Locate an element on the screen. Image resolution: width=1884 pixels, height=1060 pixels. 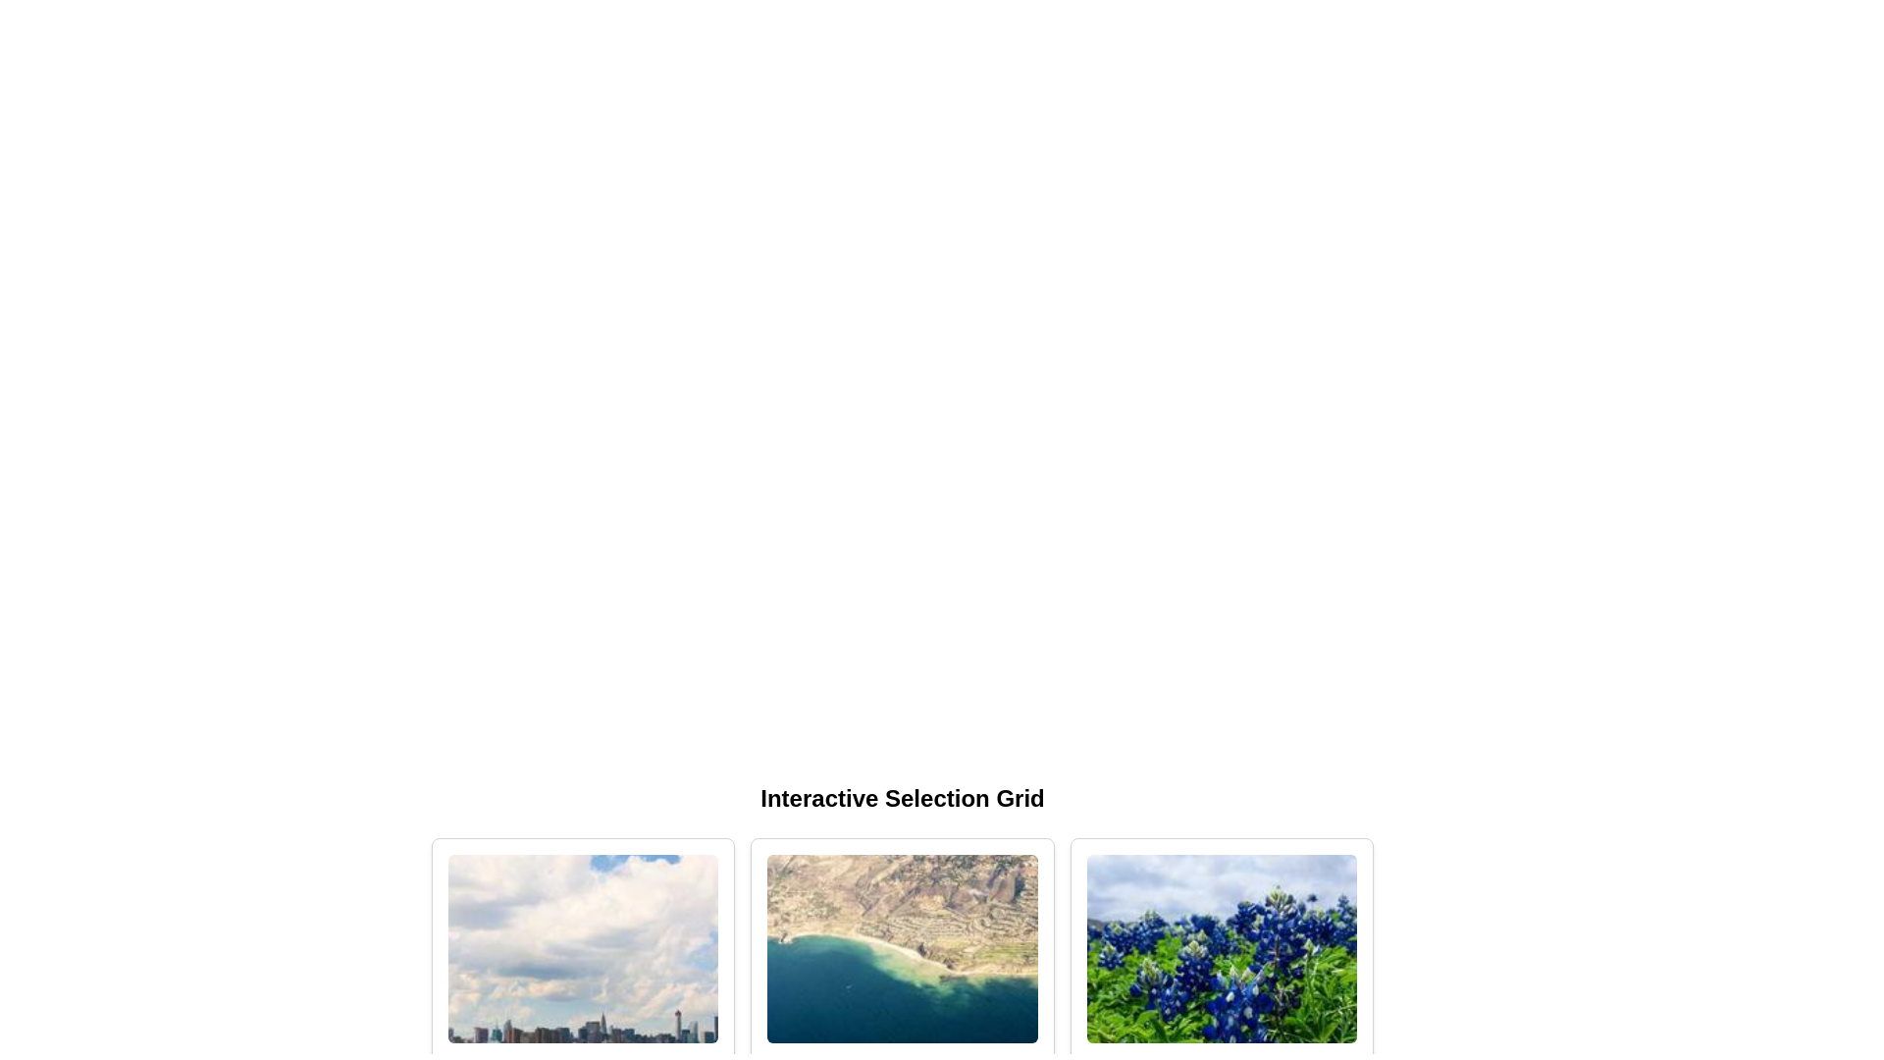
the image of item Item 2 to view its larger version is located at coordinates (902, 948).